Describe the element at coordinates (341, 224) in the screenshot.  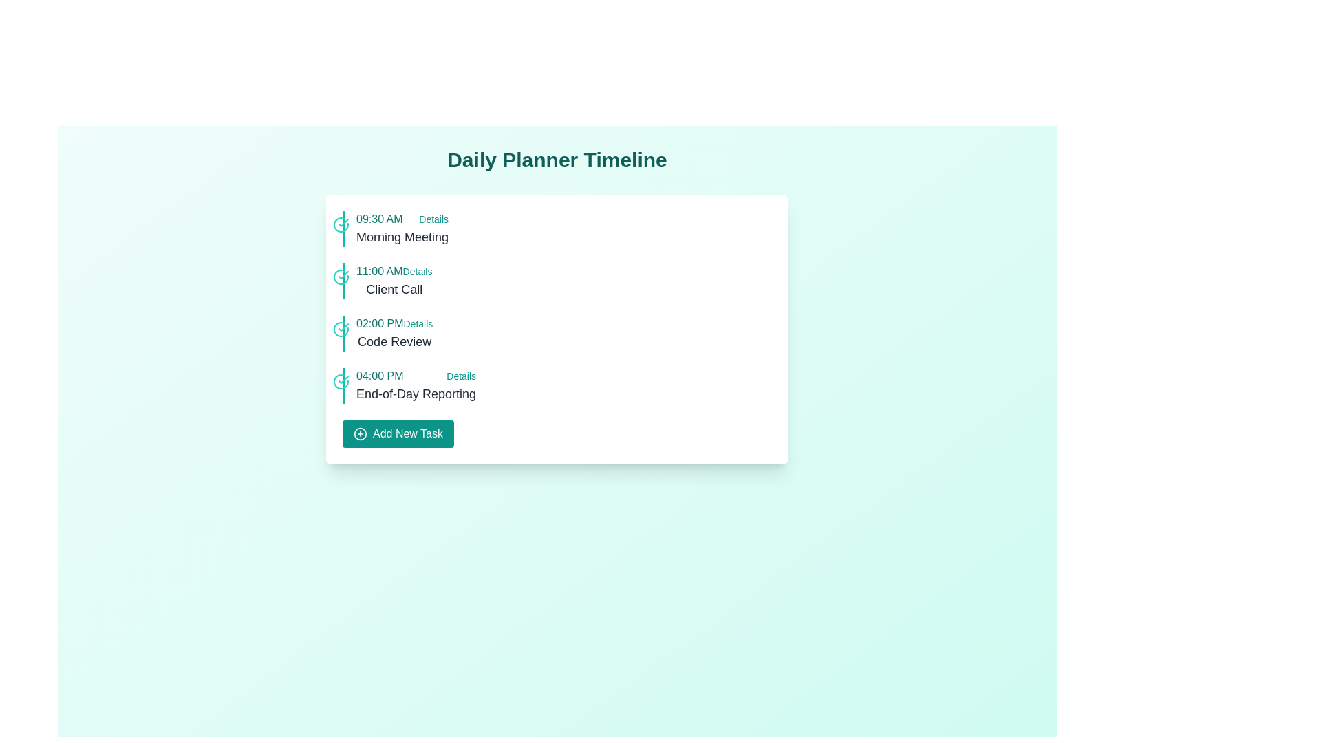
I see `the circular teal icon with a checkmark symbol located to the left of the '09:30 AM Morning Meeting' text in the timeline layout` at that location.